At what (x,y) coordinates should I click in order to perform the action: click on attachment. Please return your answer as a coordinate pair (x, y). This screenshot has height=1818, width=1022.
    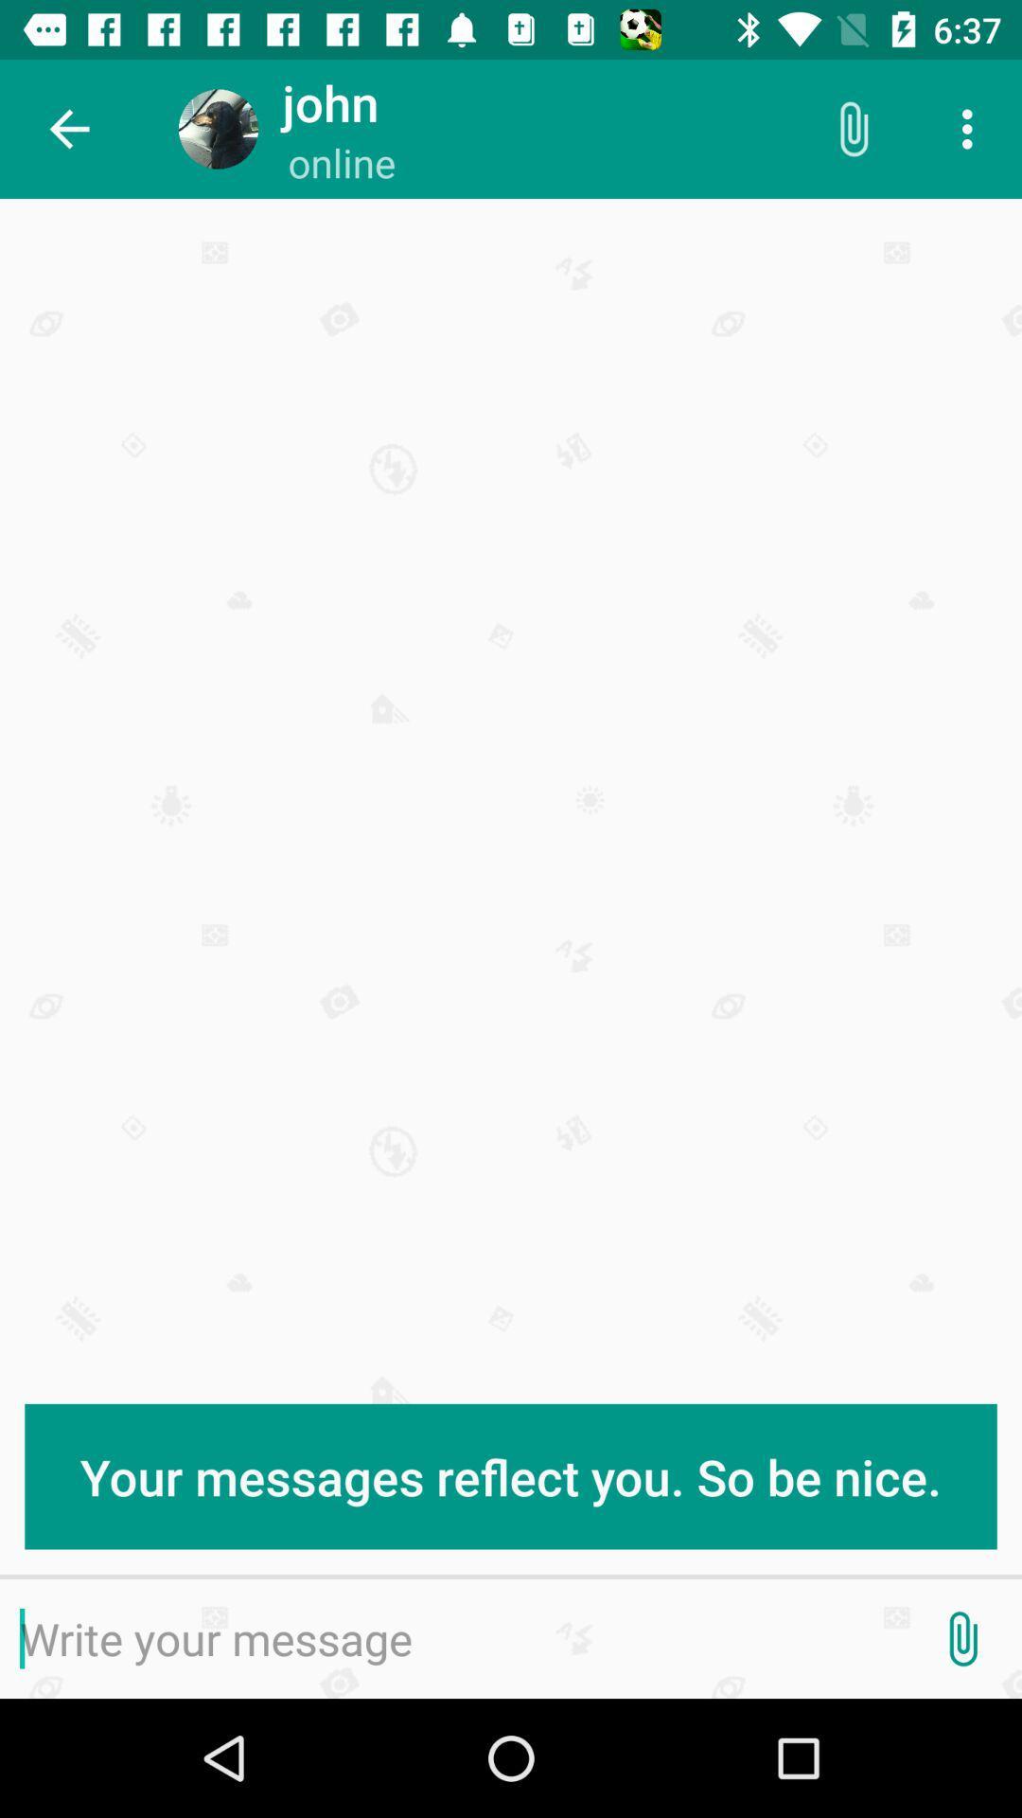
    Looking at the image, I should click on (962, 1638).